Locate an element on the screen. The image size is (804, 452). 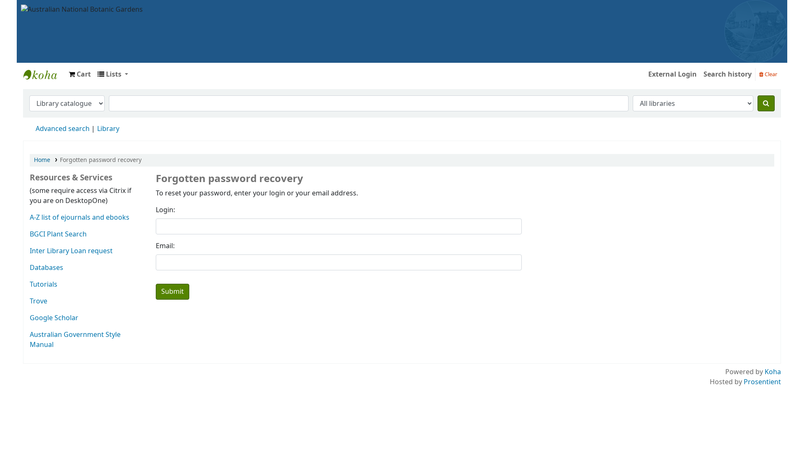
'Databases' is located at coordinates (30, 268).